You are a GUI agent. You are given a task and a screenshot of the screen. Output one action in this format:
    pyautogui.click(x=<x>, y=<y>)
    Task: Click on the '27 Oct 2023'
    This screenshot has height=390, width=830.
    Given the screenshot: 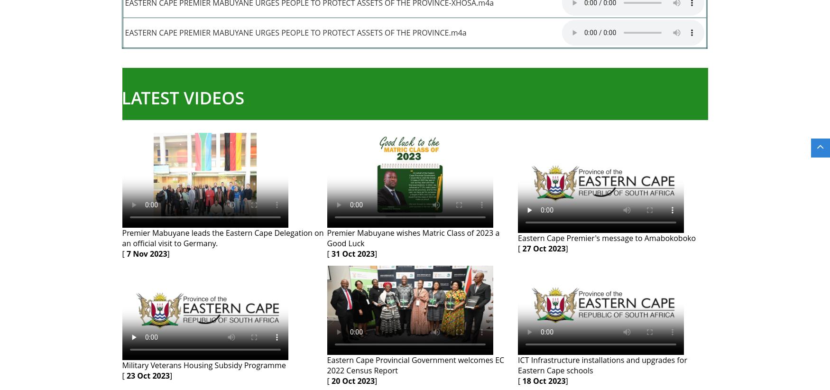 What is the action you would take?
    pyautogui.click(x=543, y=248)
    